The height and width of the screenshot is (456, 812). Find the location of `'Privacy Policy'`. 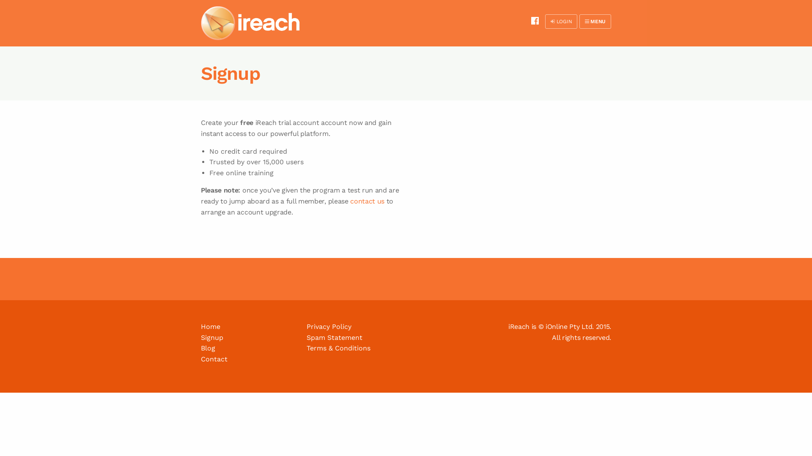

'Privacy Policy' is located at coordinates (328, 326).